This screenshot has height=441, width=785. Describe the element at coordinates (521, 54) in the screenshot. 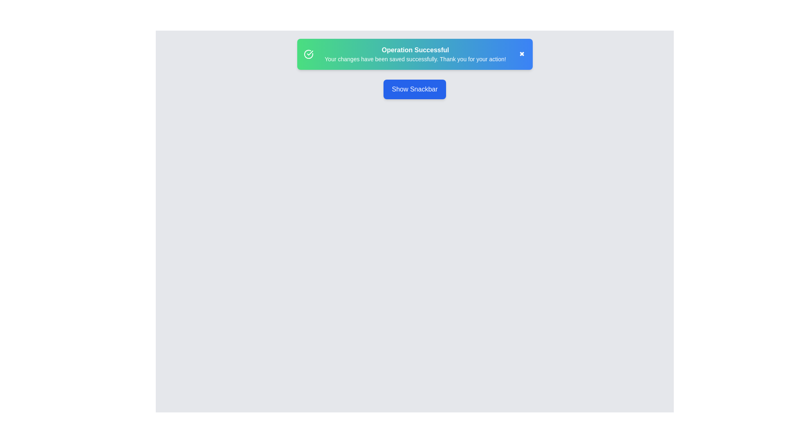

I see `close button on the snackbar` at that location.